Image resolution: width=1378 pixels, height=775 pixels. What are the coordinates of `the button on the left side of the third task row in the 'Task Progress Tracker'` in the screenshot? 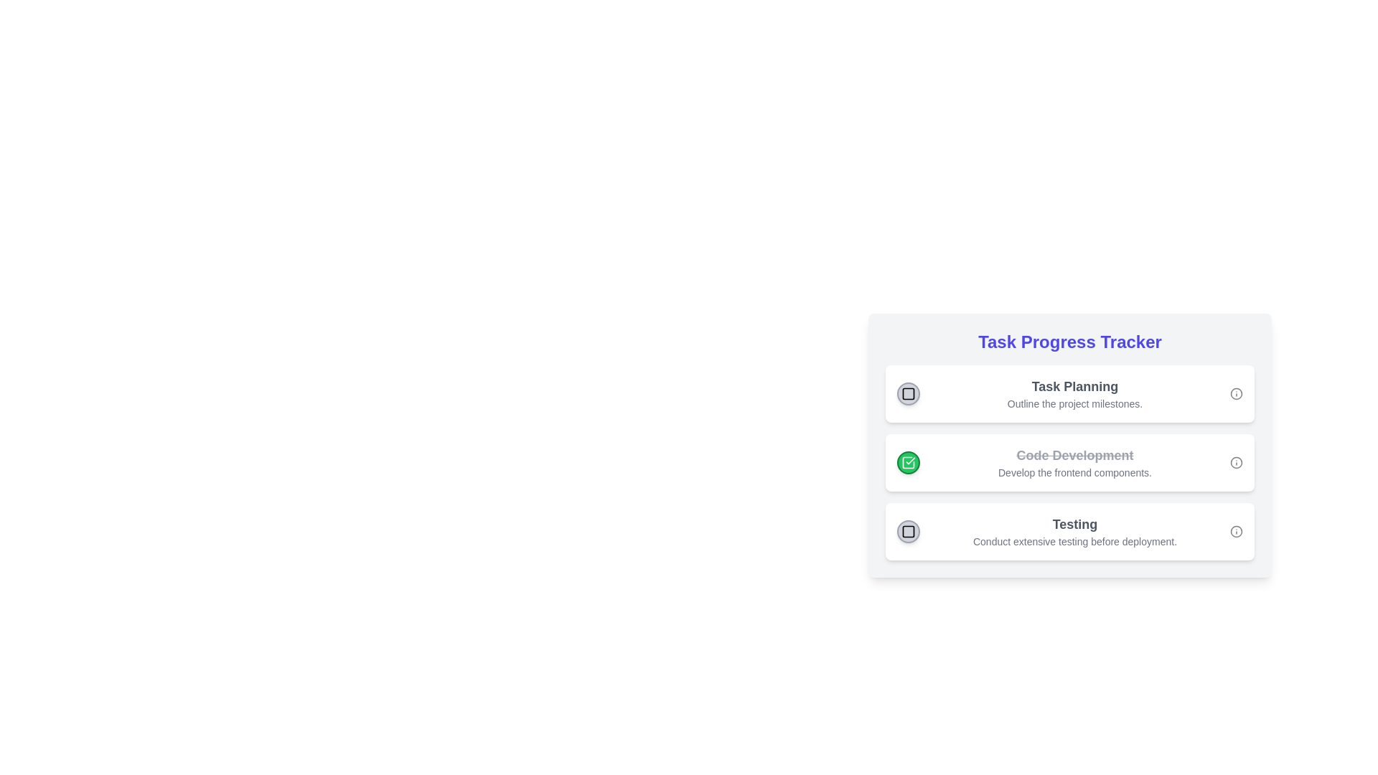 It's located at (908, 531).